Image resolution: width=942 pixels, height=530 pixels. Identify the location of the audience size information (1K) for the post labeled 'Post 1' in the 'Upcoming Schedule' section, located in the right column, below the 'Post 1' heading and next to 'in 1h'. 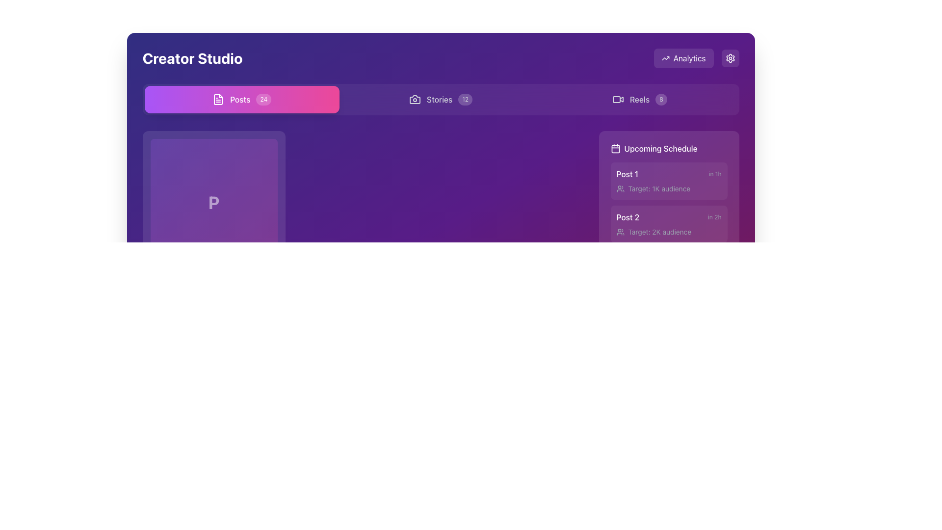
(668, 189).